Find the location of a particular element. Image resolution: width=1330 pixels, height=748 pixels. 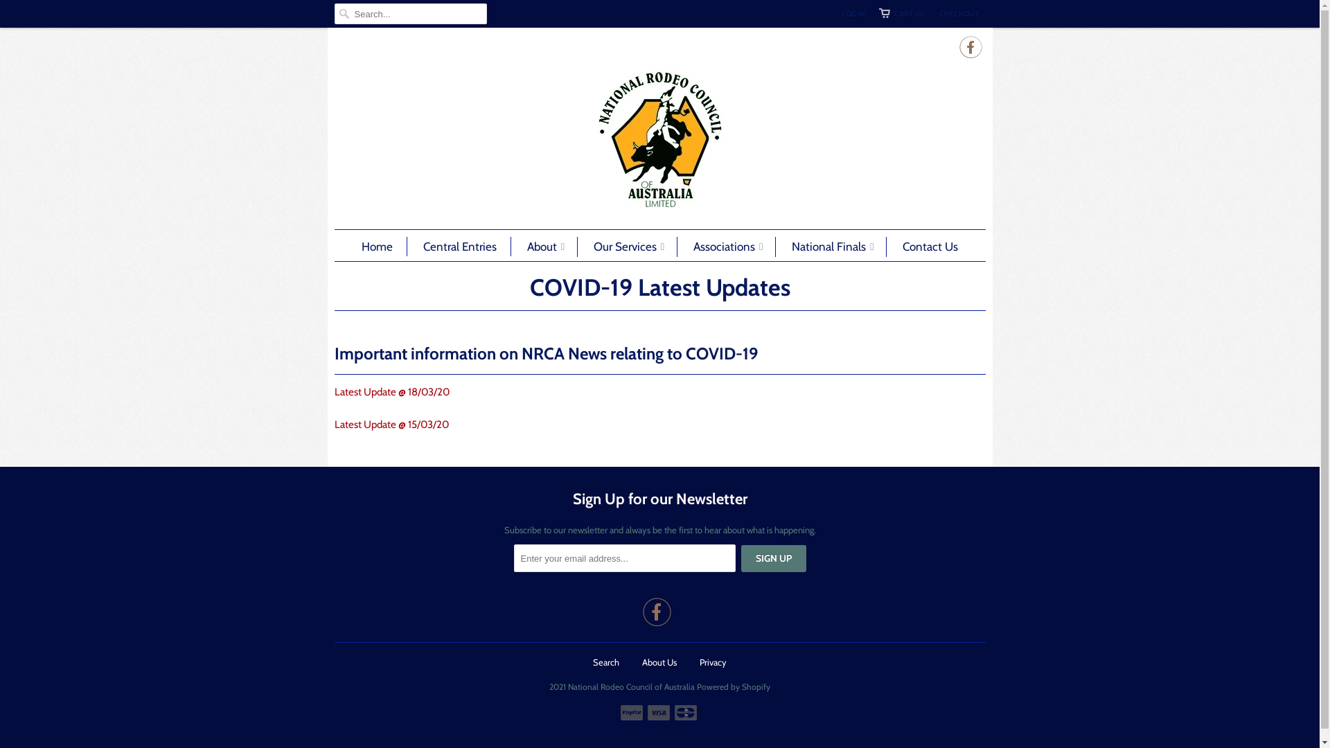

'Latest Update @ 18/03/20' is located at coordinates (333, 392).